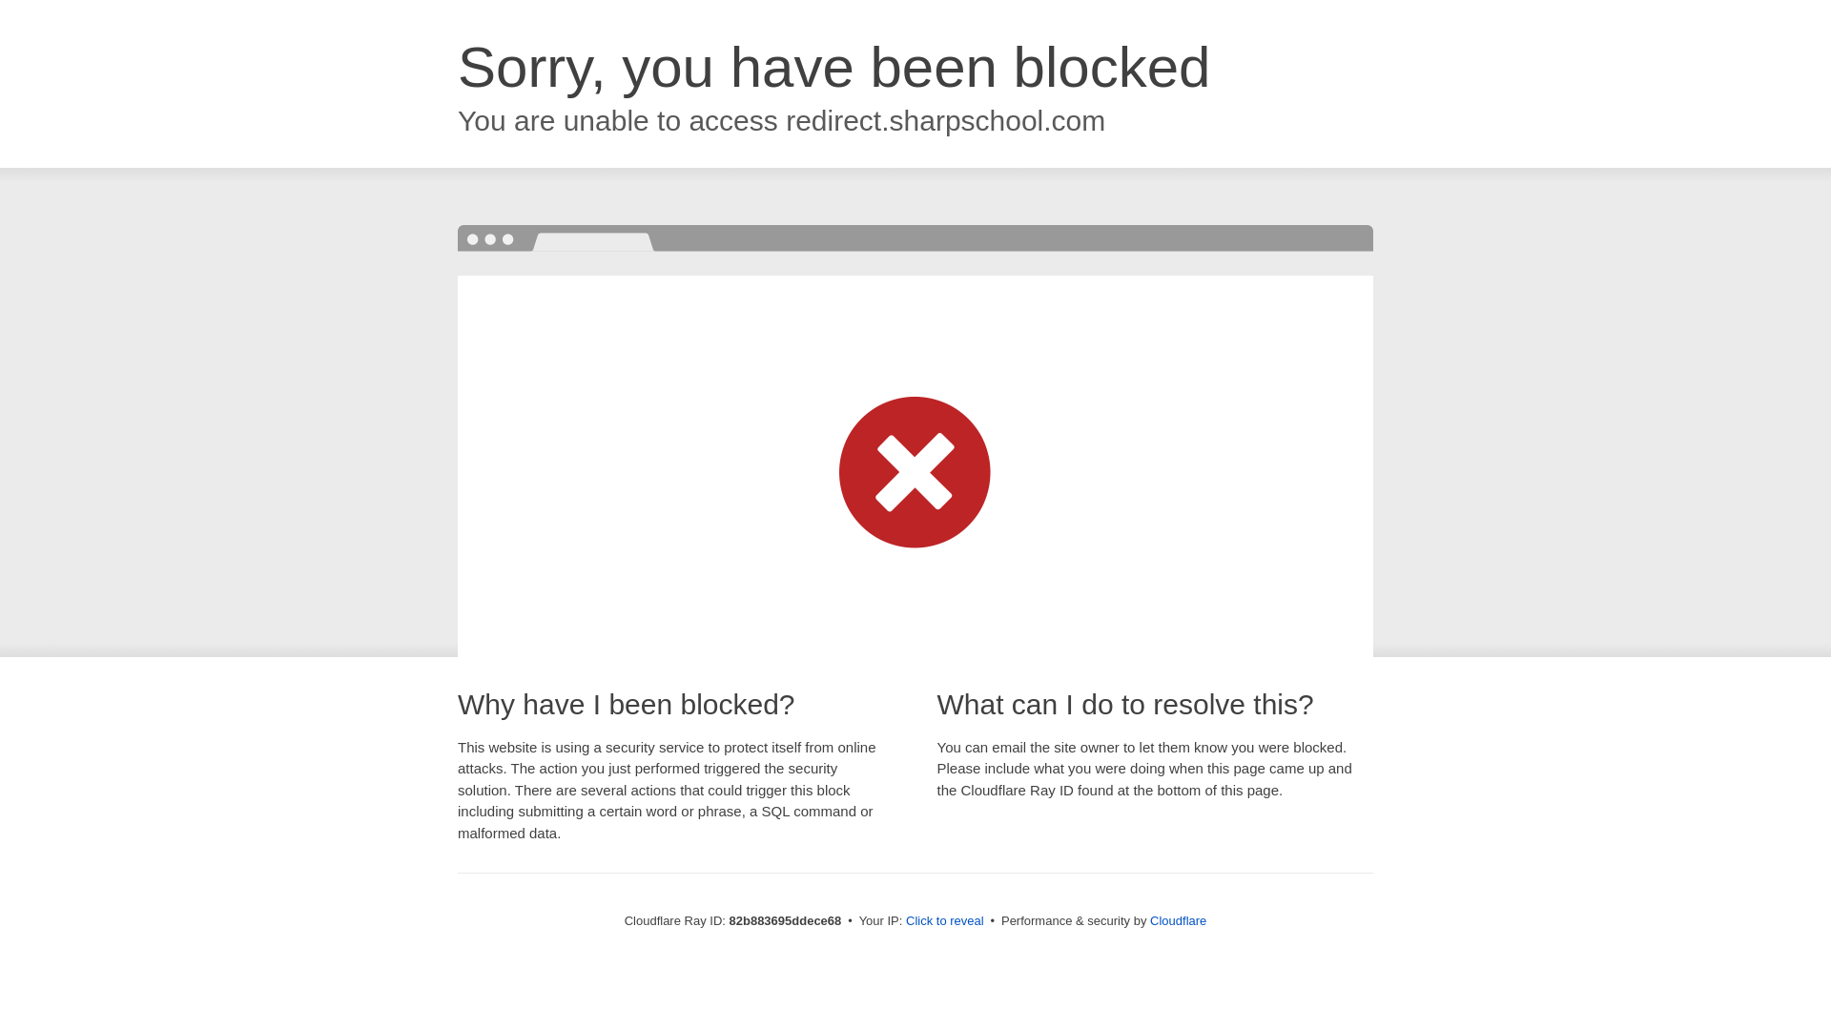 The height and width of the screenshot is (1030, 1831). Describe the element at coordinates (1177, 919) in the screenshot. I see `'Cloudflare'` at that location.